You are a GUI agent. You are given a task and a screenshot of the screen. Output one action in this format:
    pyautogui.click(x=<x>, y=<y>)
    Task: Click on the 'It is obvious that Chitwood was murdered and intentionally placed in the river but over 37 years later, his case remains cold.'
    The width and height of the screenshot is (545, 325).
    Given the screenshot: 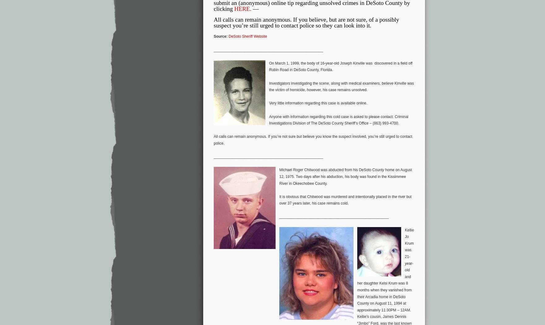 What is the action you would take?
    pyautogui.click(x=345, y=200)
    